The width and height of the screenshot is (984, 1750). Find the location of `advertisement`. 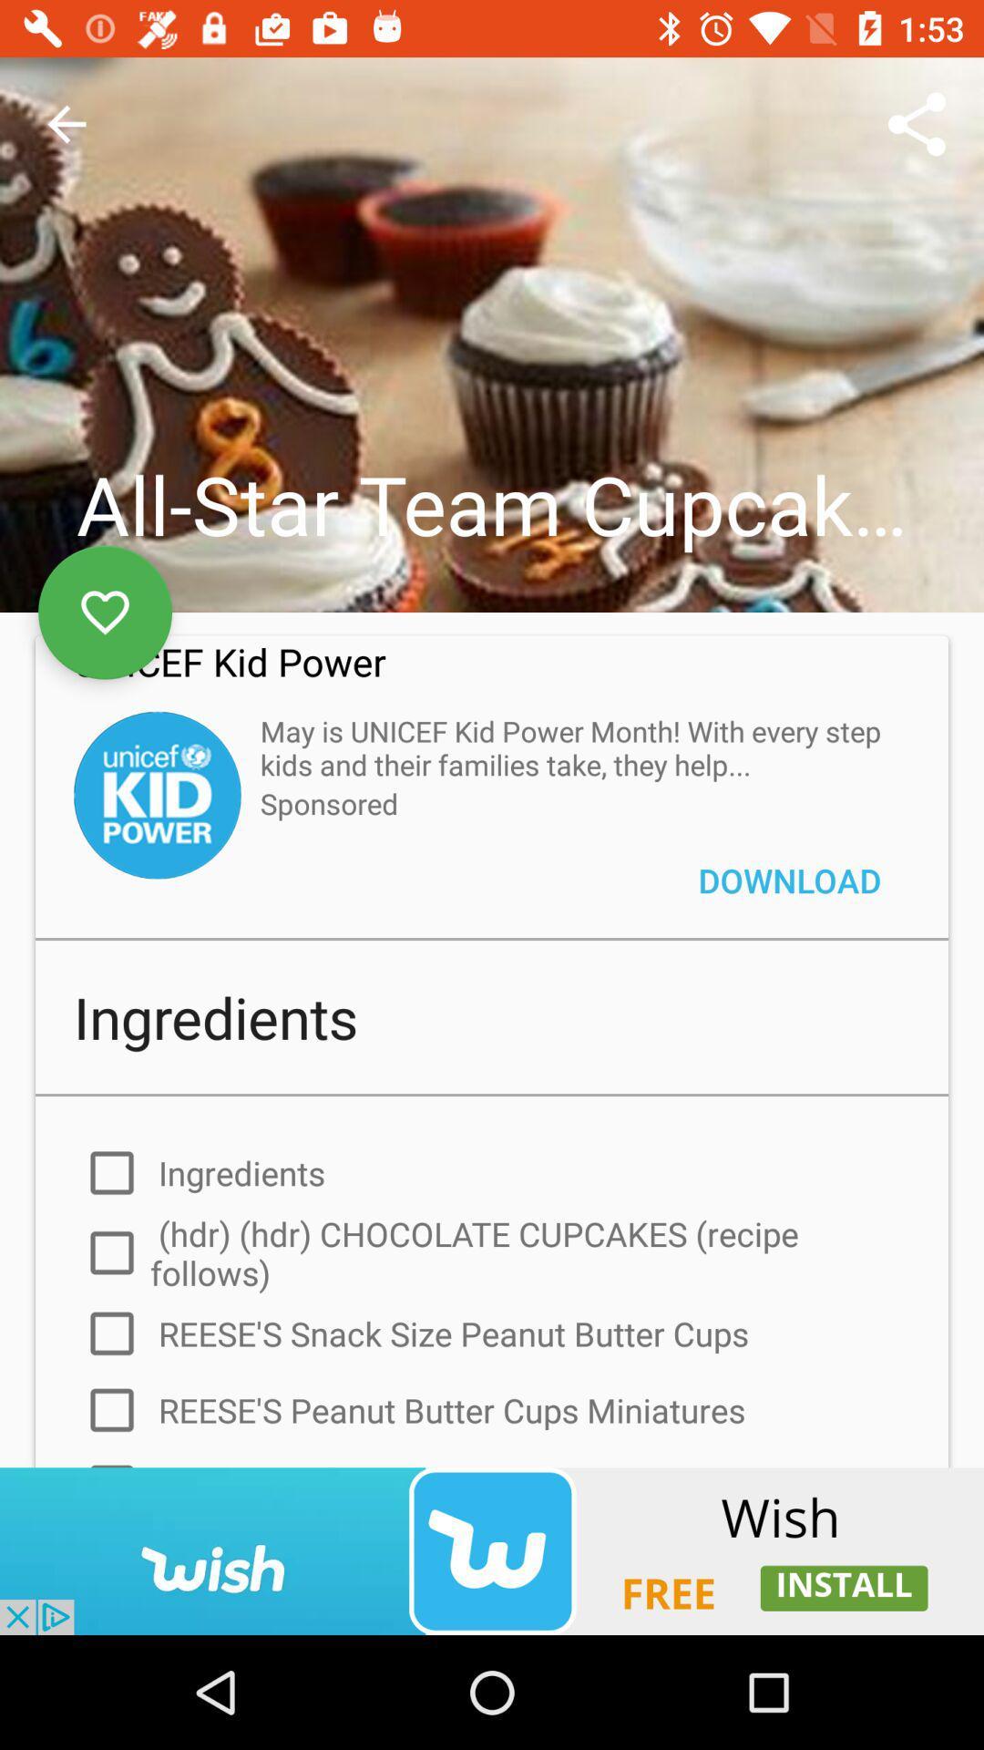

advertisement is located at coordinates (492, 1550).